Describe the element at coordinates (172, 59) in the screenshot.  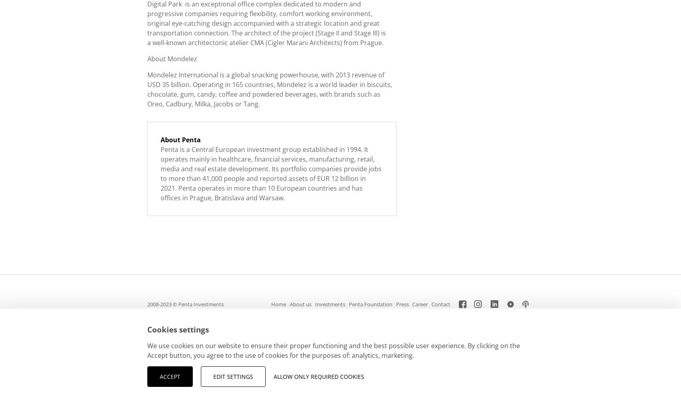
I see `'About Mondelez'` at that location.